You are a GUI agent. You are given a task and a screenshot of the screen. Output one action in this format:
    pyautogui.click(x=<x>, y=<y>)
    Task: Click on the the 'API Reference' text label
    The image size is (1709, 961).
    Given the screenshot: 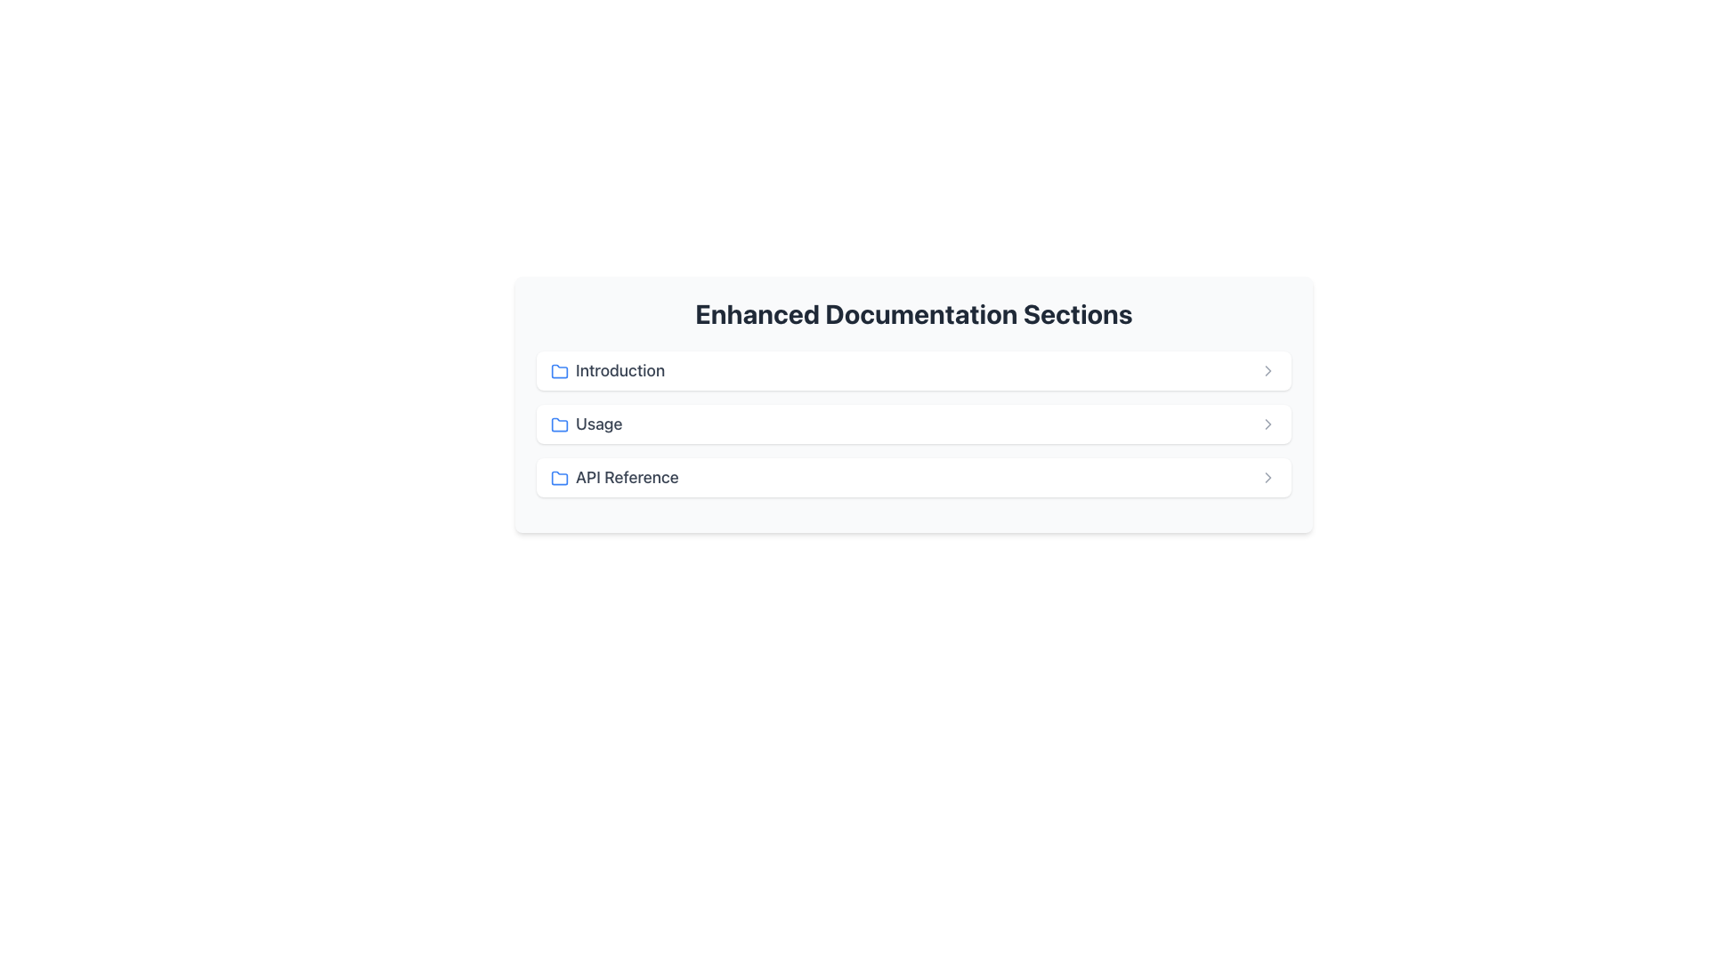 What is the action you would take?
    pyautogui.click(x=614, y=476)
    